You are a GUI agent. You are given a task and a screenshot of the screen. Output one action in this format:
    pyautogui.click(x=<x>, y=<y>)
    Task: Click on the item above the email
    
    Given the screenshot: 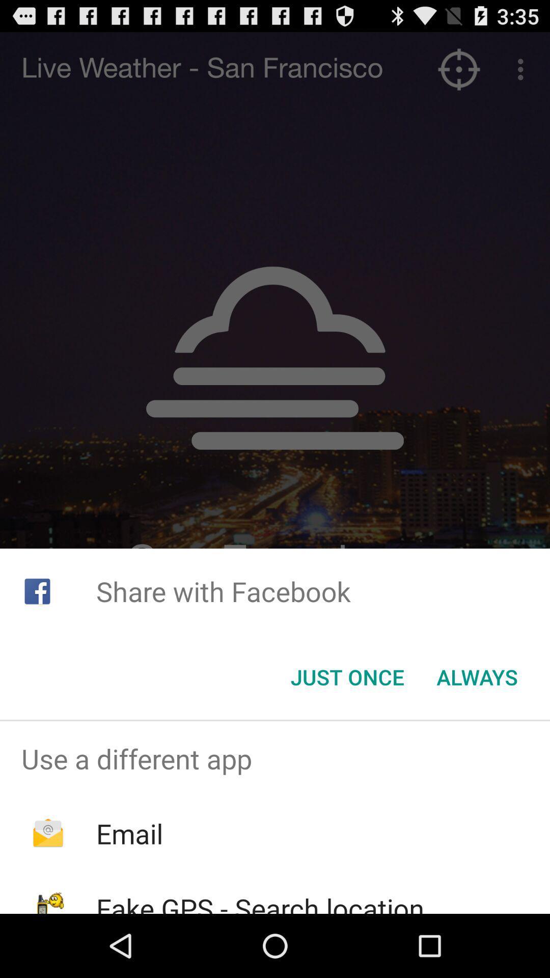 What is the action you would take?
    pyautogui.click(x=275, y=758)
    